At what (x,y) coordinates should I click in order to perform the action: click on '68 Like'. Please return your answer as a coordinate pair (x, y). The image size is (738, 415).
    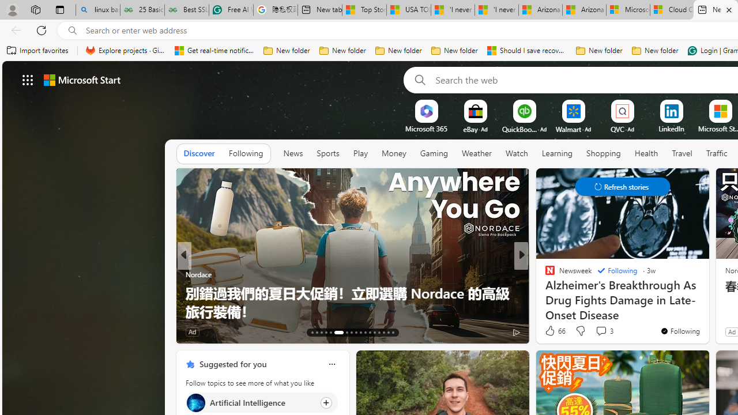
    Looking at the image, I should click on (551, 331).